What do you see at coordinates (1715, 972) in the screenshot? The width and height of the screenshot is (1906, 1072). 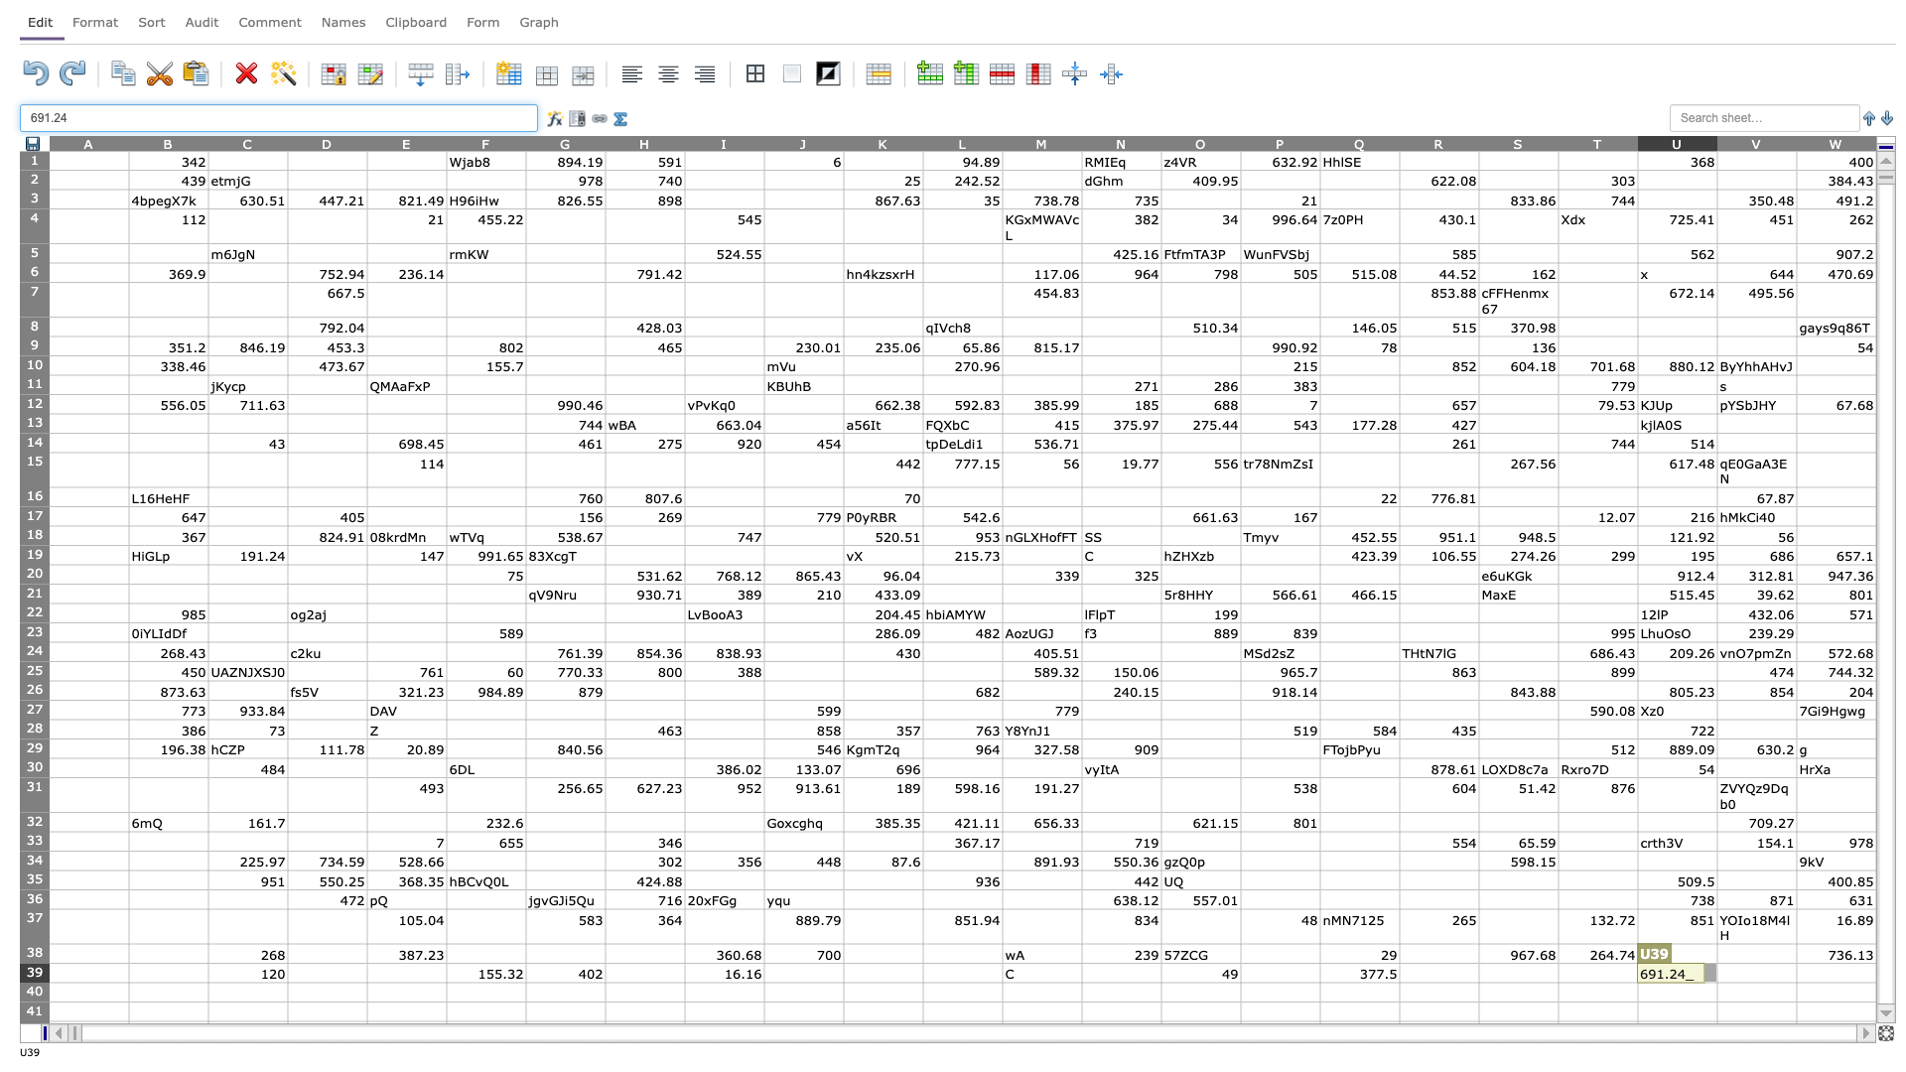 I see `left edge of cell V39` at bounding box center [1715, 972].